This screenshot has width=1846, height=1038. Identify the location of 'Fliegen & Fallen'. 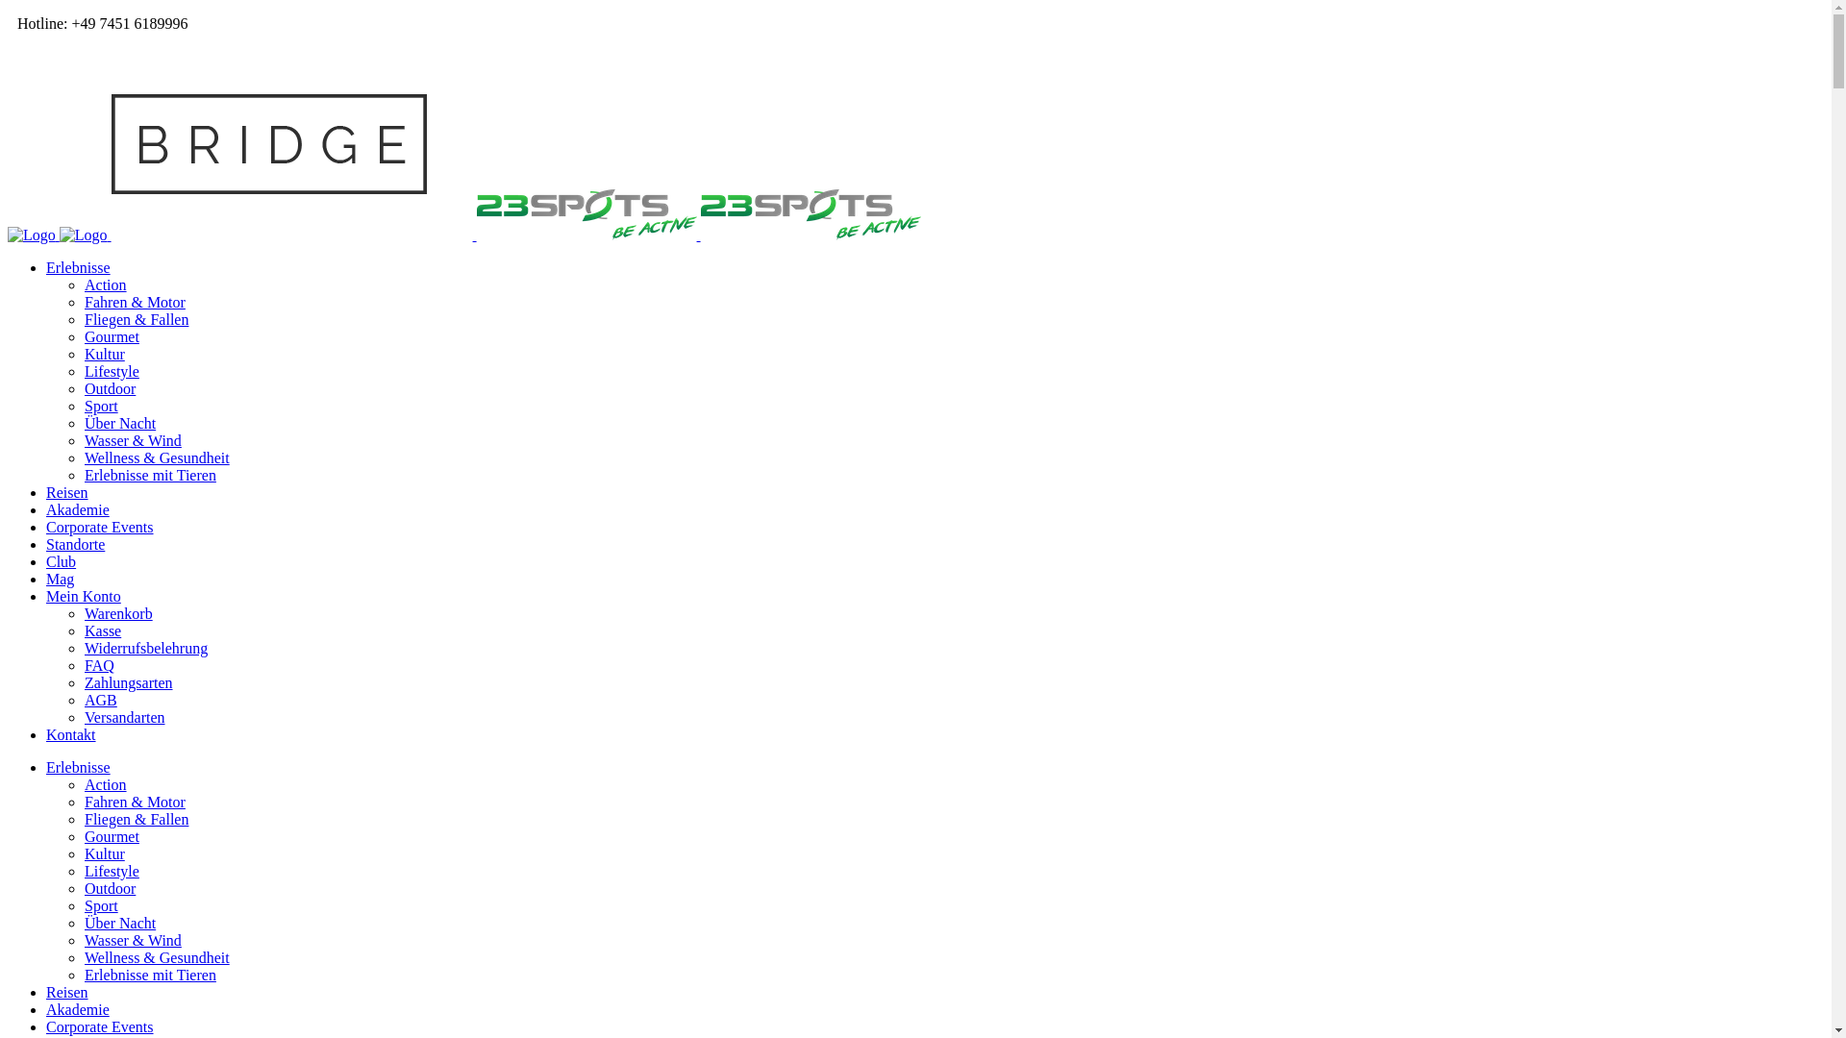
(136, 819).